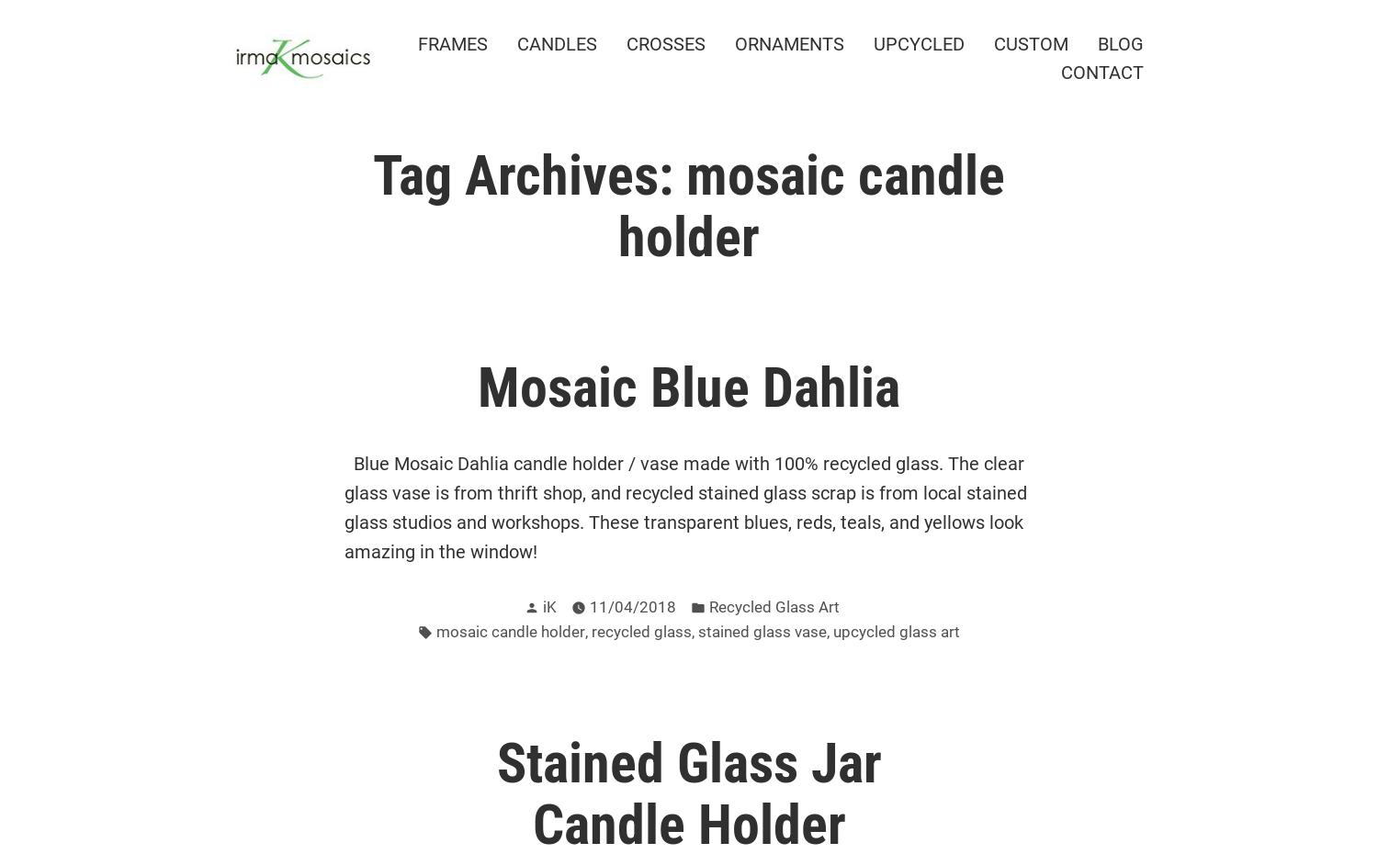  I want to click on 'CONTACT', so click(1101, 72).